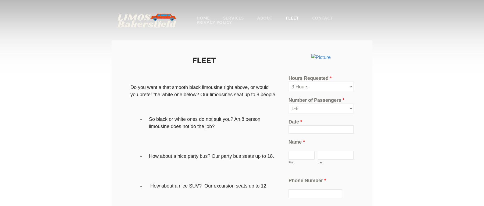  I want to click on 'How about a nice party bus? Our party bus seats up to 18.', so click(149, 156).